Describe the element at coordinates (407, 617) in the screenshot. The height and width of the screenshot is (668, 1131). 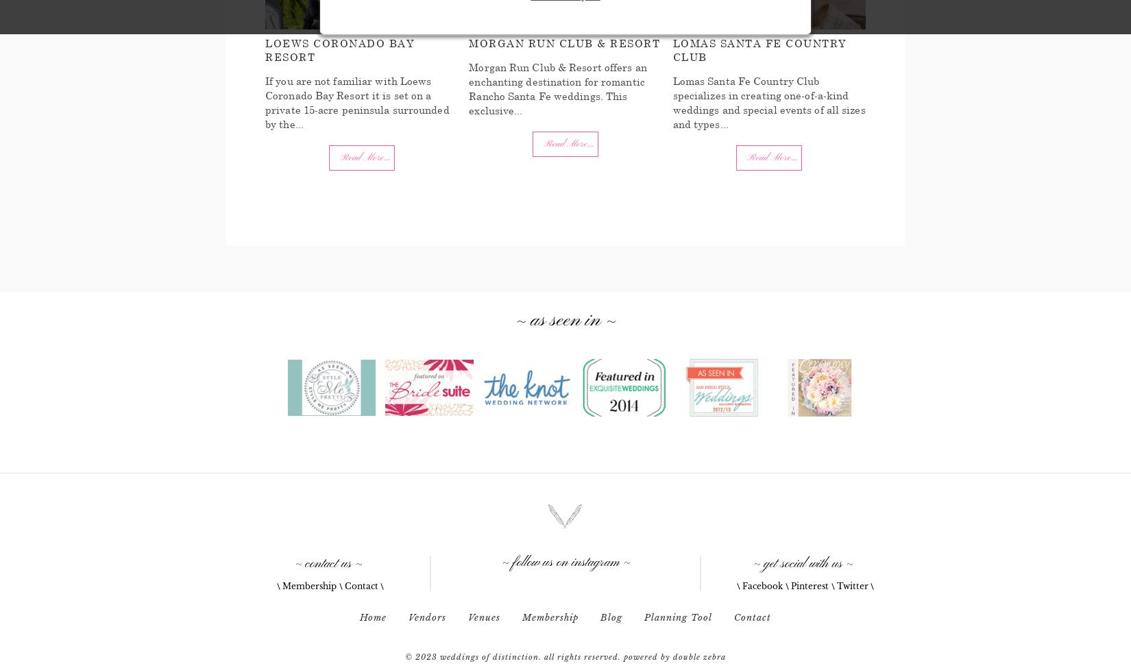
I see `'Vendors'` at that location.